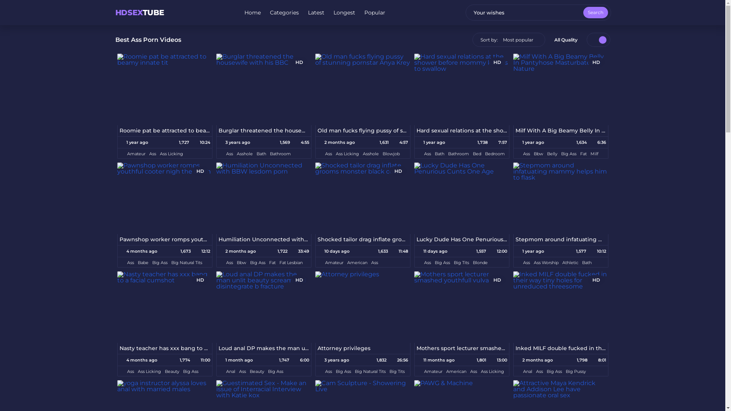 This screenshot has height=411, width=731. What do you see at coordinates (370, 371) in the screenshot?
I see `'Big Natural Tits'` at bounding box center [370, 371].